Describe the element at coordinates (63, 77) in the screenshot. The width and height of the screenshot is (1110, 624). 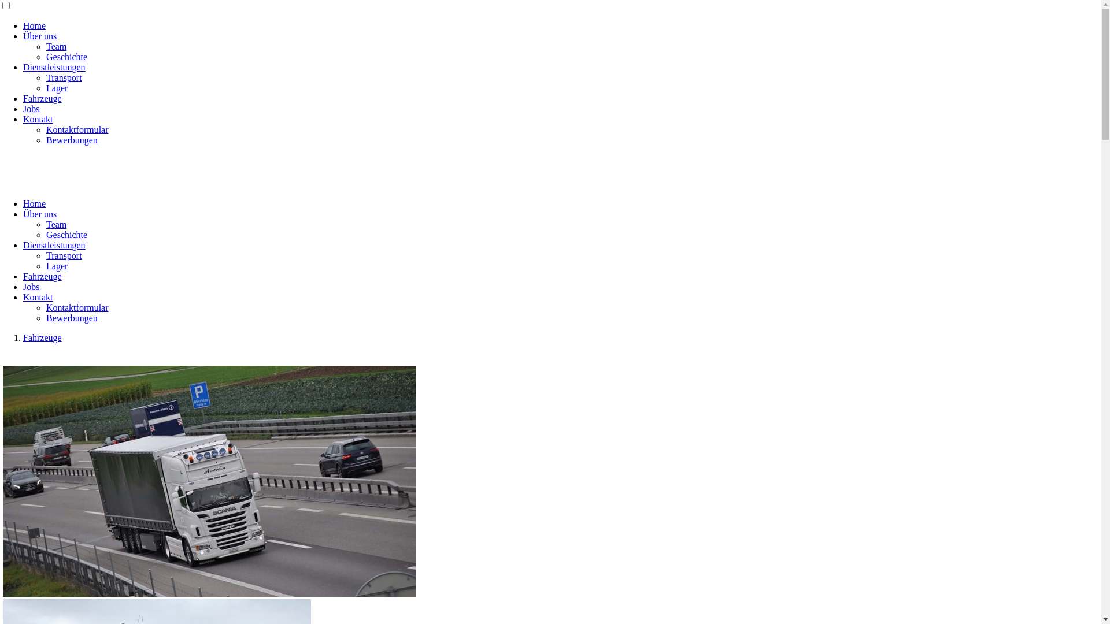
I see `'Transport'` at that location.